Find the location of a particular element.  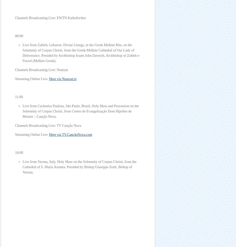

'Live from Verona, Italy. Holy Mass on the Solemnity of Corpus Christi, from the Cathedral of S. Maria Assunta. Presided by Bishop Giuseppe Zenti, Bishop of Verona.' is located at coordinates (79, 167).